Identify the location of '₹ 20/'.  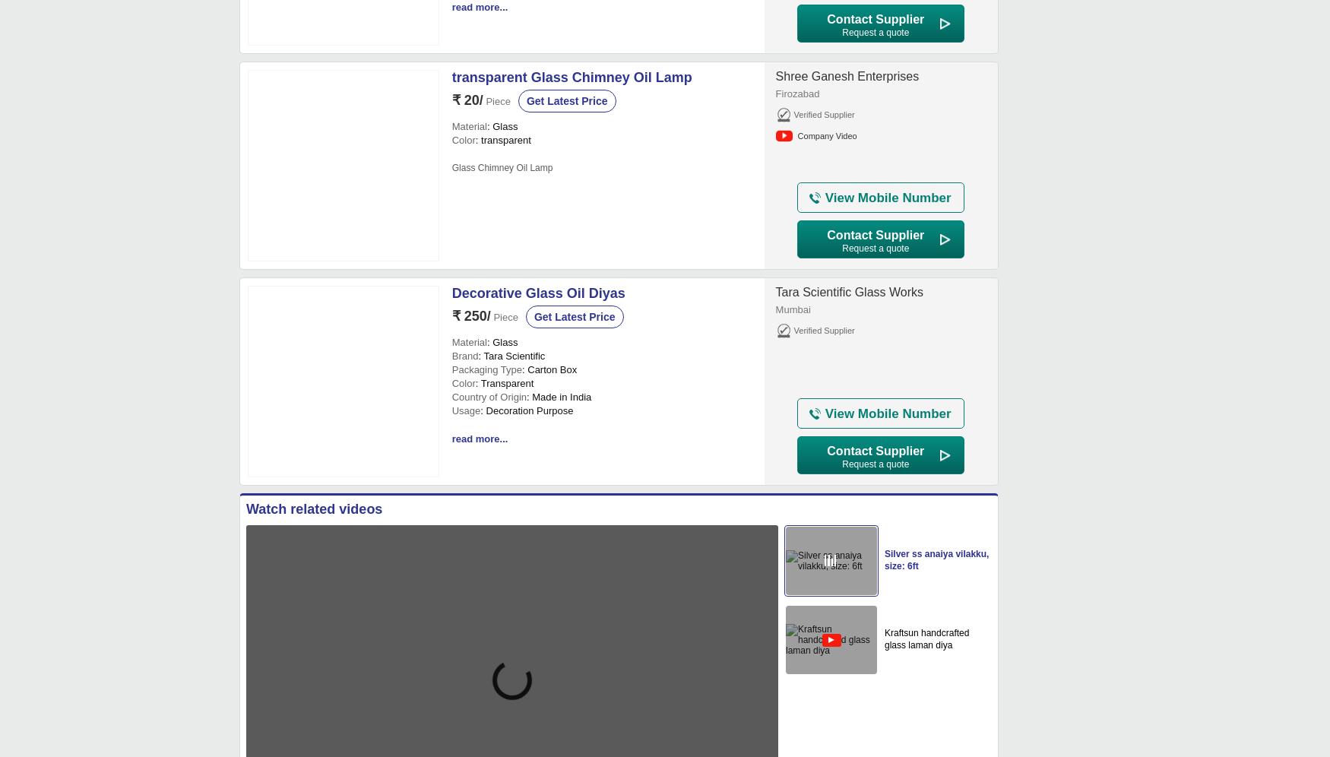
(467, 99).